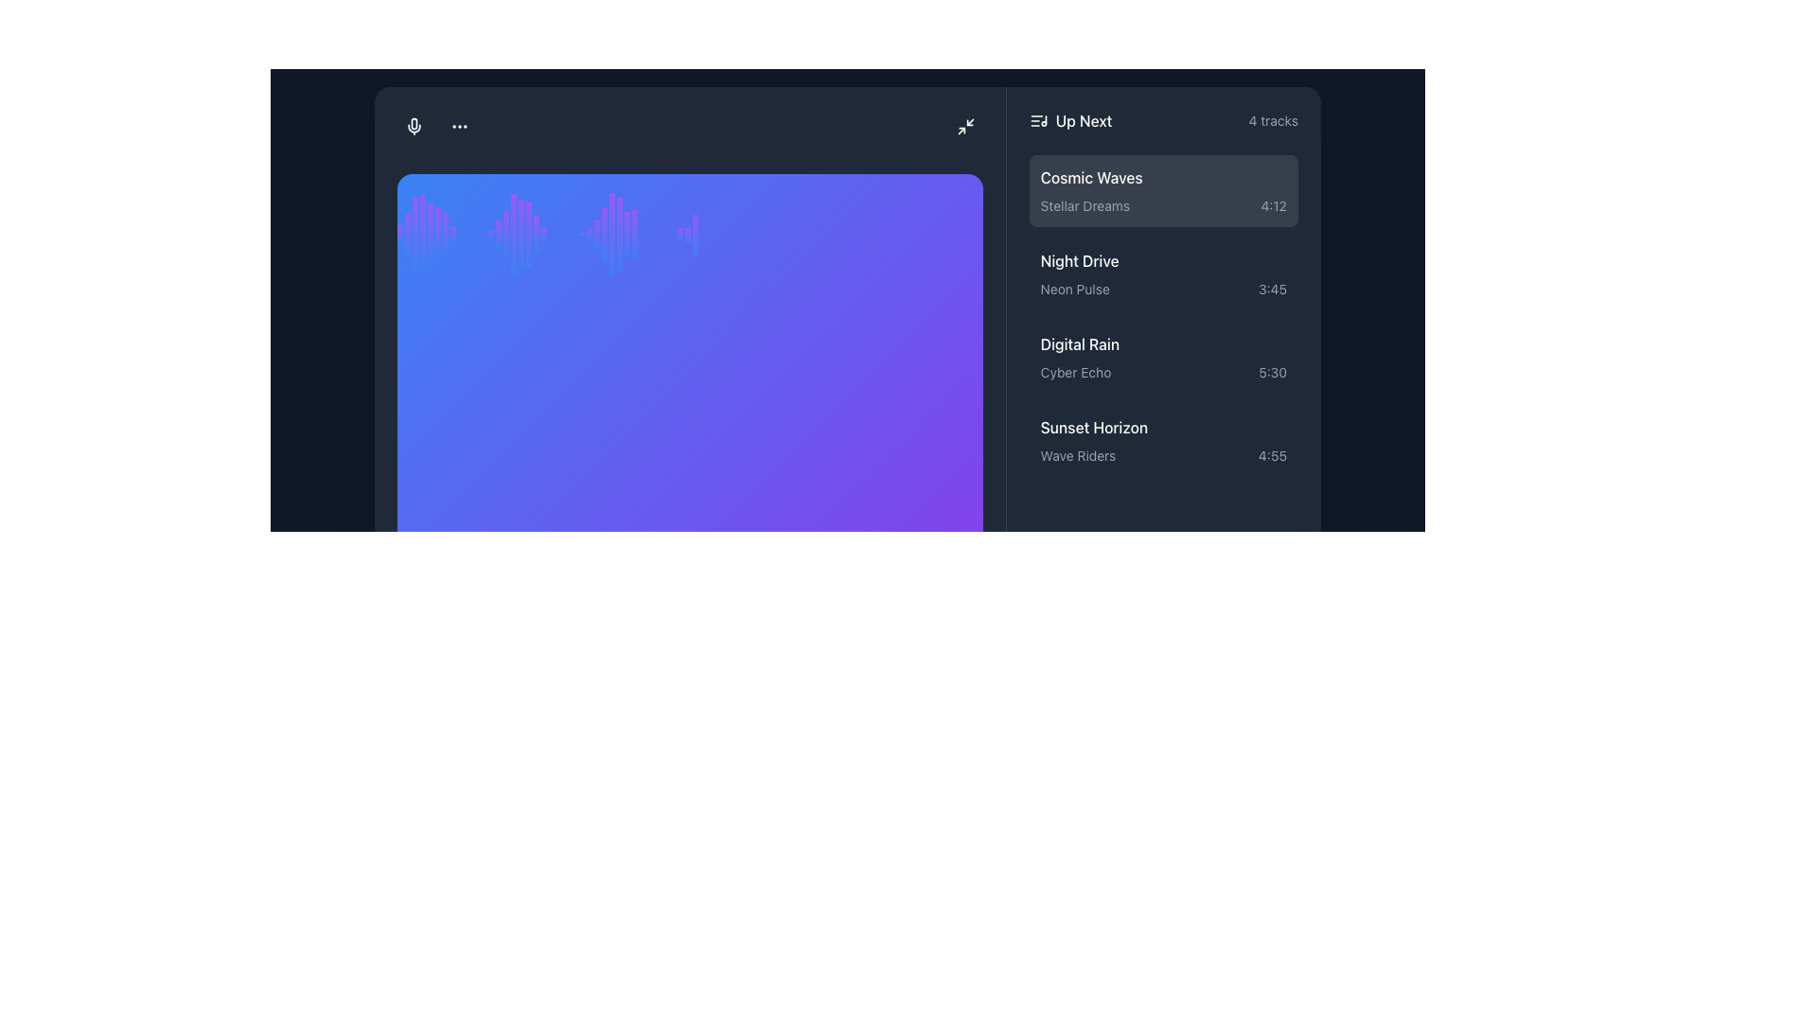 The width and height of the screenshot is (1817, 1022). Describe the element at coordinates (1162, 273) in the screenshot. I see `on the second list item in the 'Up Next' section` at that location.